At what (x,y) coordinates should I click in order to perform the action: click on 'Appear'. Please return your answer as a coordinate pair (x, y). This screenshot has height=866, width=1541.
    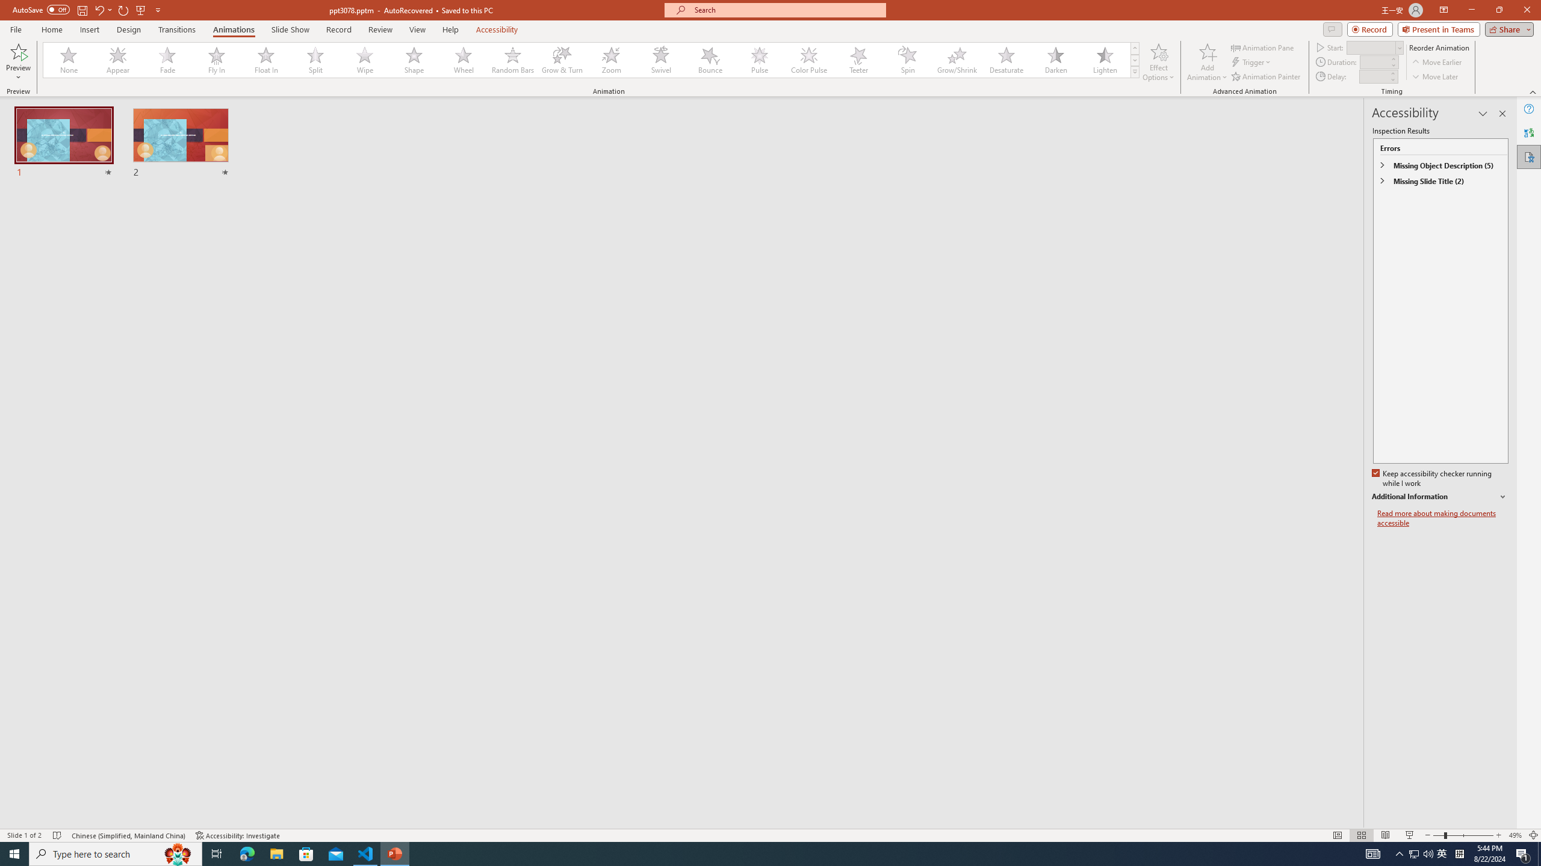
    Looking at the image, I should click on (118, 60).